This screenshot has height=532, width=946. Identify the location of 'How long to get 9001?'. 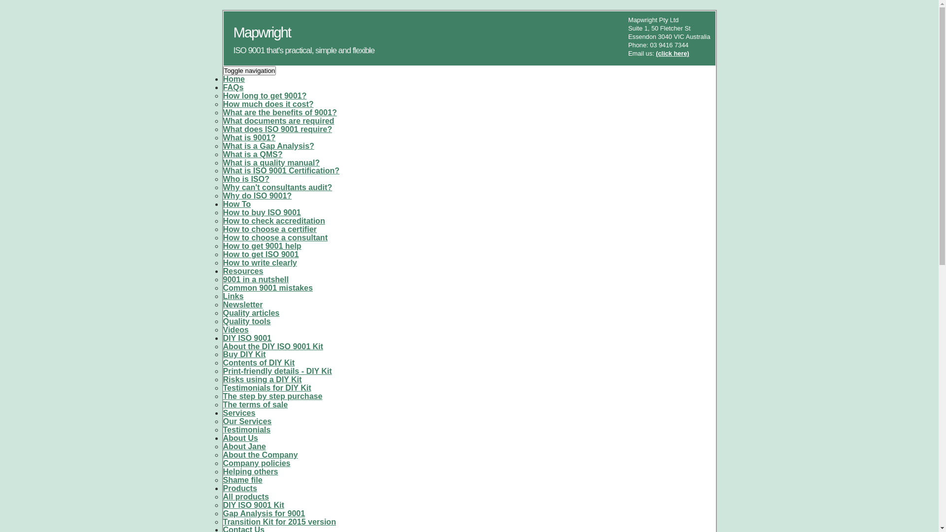
(265, 96).